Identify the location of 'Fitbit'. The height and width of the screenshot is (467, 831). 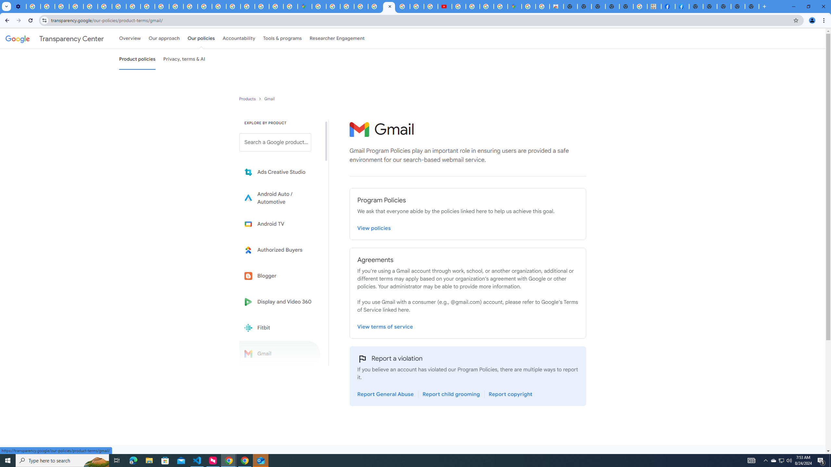
(279, 328).